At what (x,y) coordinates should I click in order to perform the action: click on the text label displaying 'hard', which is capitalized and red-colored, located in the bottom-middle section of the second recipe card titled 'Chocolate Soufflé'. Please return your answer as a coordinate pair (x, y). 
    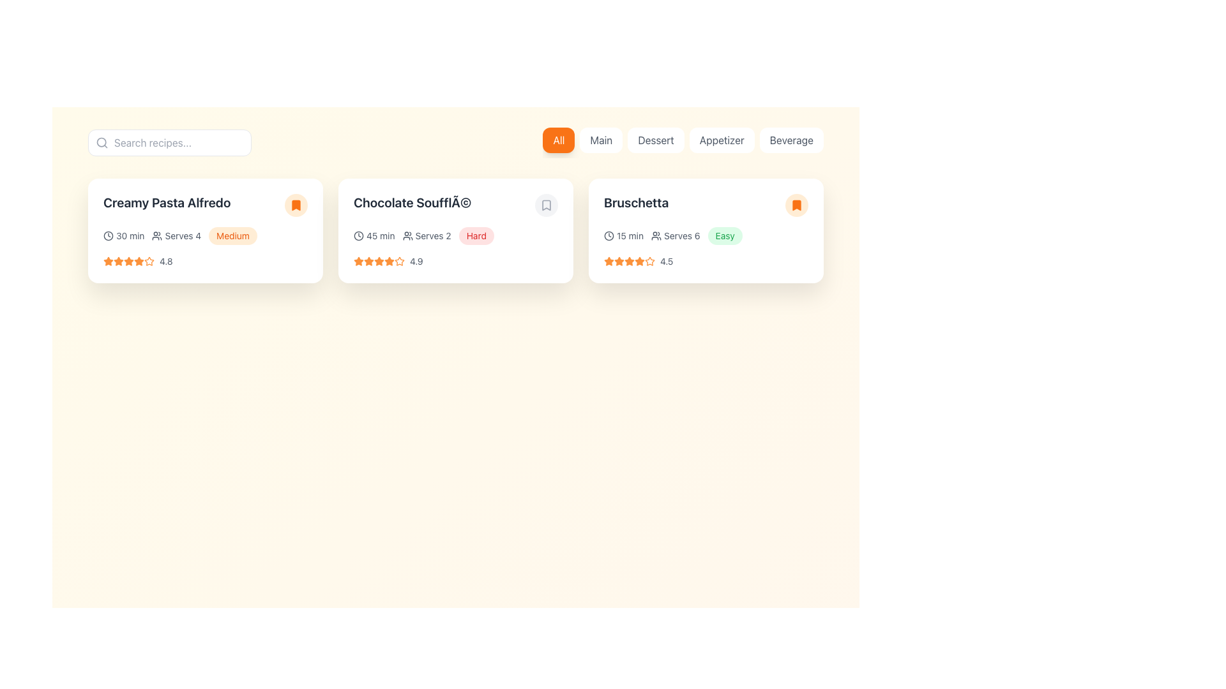
    Looking at the image, I should click on (476, 235).